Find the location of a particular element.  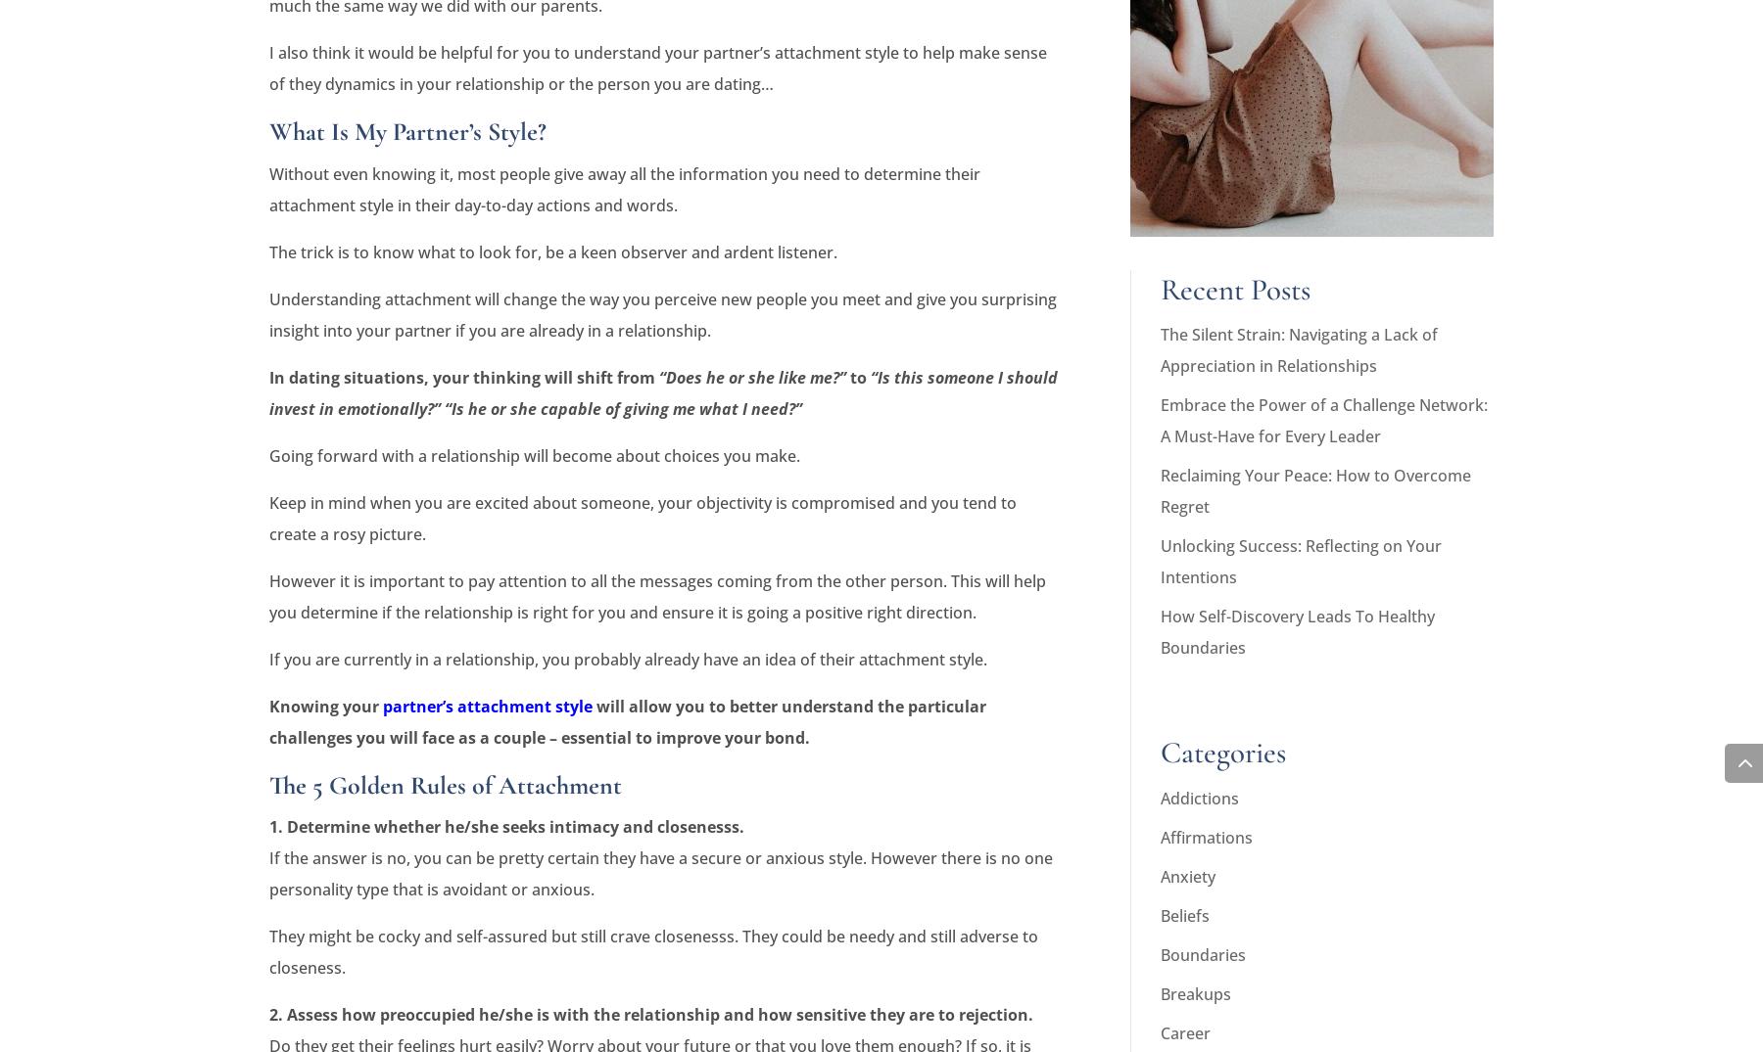

'However it is important to pay attention to all the messages coming from the other person. This will help you determine if the relationship is right for you and ensure it is going a positive right direction.' is located at coordinates (657, 594).